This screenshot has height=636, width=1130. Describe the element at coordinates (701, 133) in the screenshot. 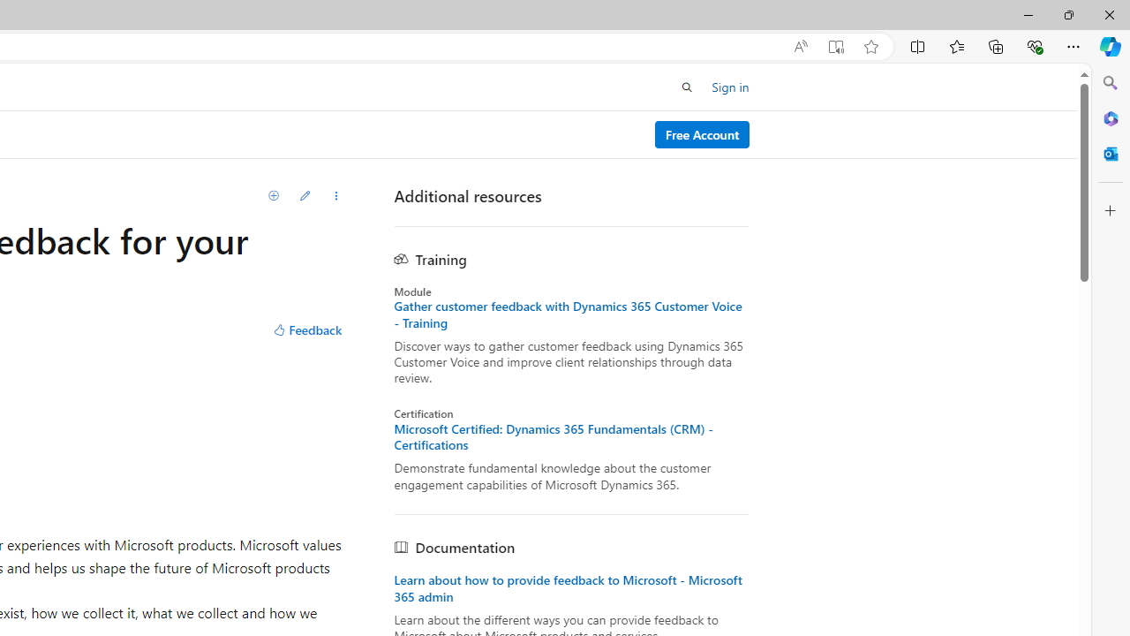

I see `'Free Account'` at that location.